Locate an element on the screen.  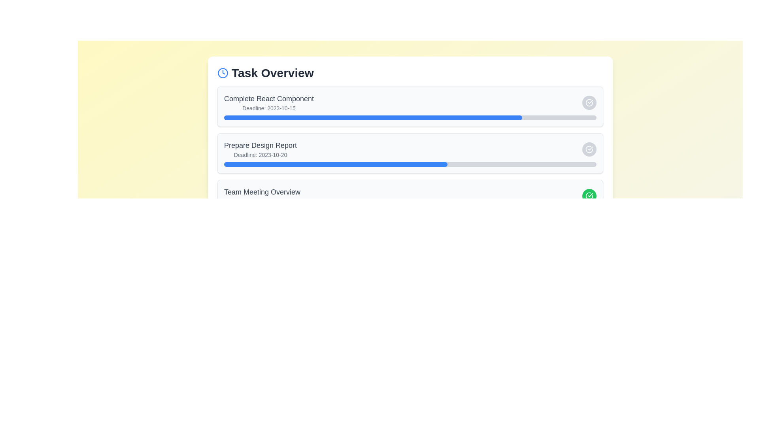
the text label displaying 'Prepare Design Report' is located at coordinates (261, 149).